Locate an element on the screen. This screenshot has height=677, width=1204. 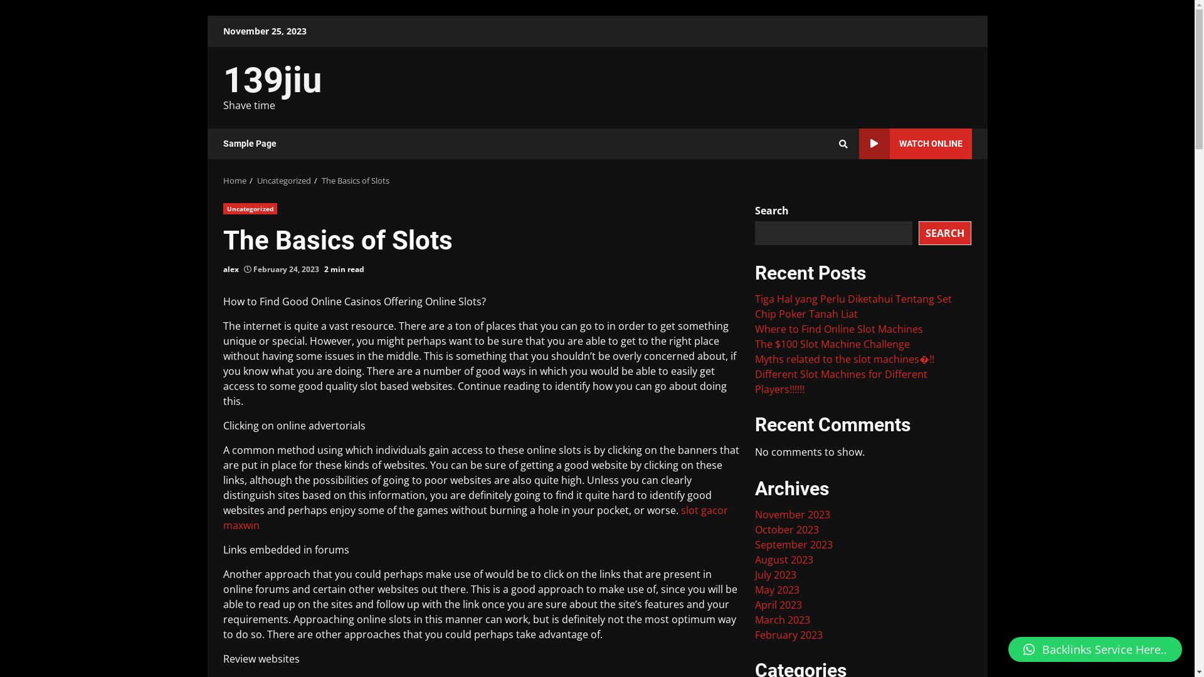
'August 2023' is located at coordinates (783, 559).